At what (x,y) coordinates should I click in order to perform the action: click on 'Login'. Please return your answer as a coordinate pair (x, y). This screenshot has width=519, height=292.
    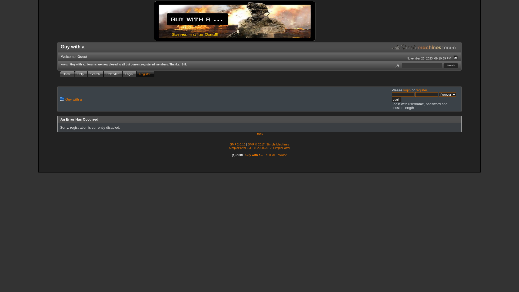
    Looking at the image, I should click on (122, 74).